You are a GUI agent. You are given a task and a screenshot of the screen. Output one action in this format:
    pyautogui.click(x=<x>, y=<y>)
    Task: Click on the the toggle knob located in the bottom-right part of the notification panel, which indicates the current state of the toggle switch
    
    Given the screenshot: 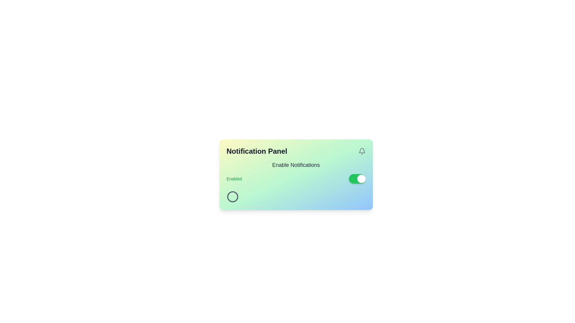 What is the action you would take?
    pyautogui.click(x=361, y=178)
    